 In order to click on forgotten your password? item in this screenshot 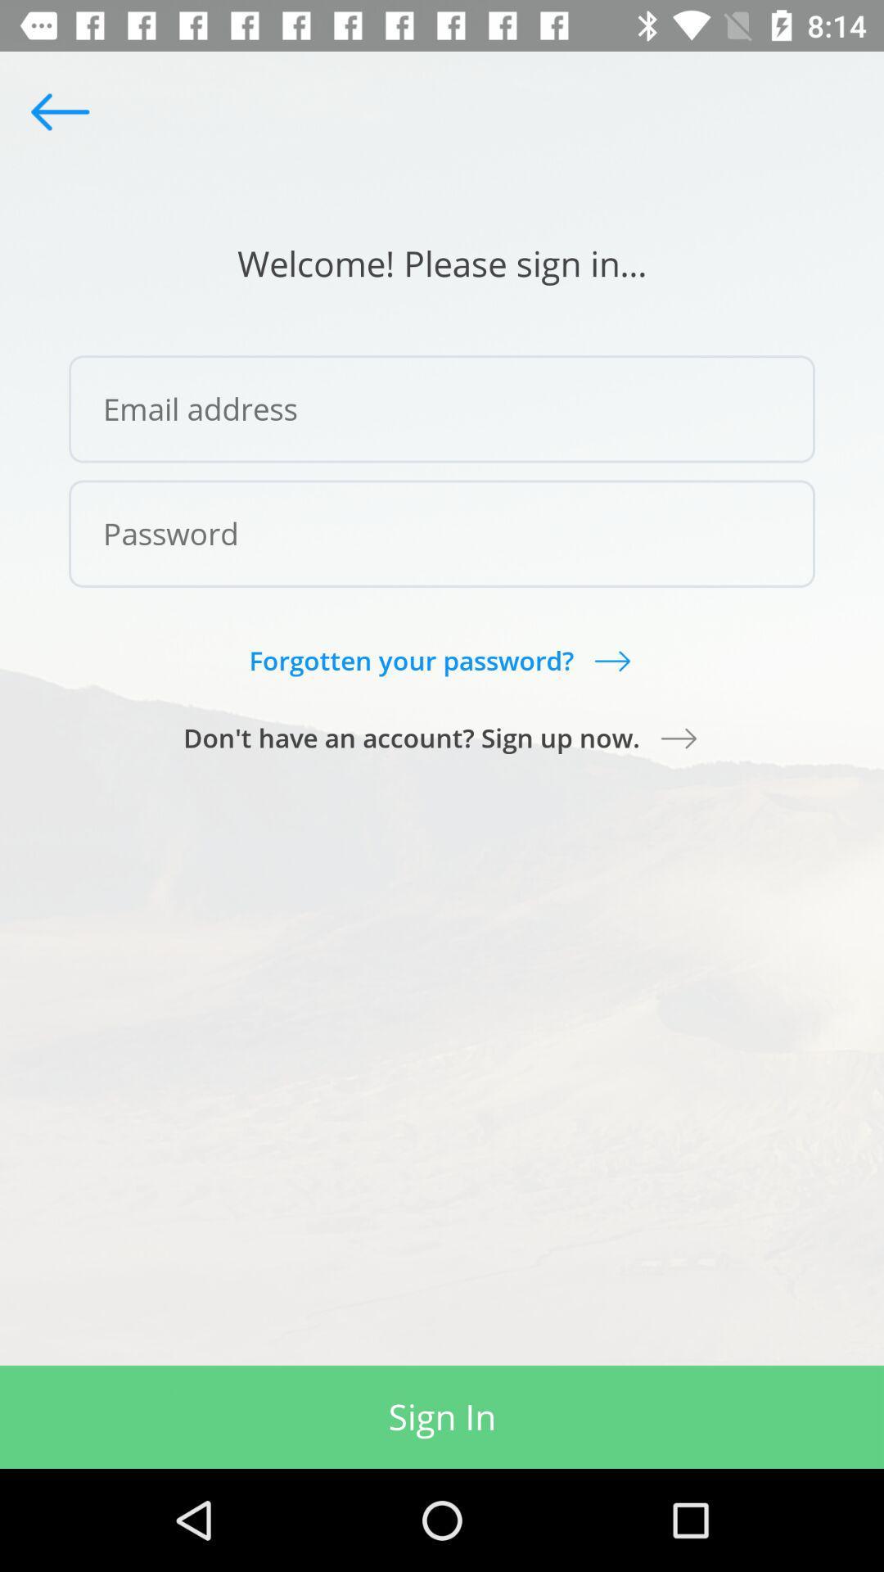, I will do `click(440, 660)`.